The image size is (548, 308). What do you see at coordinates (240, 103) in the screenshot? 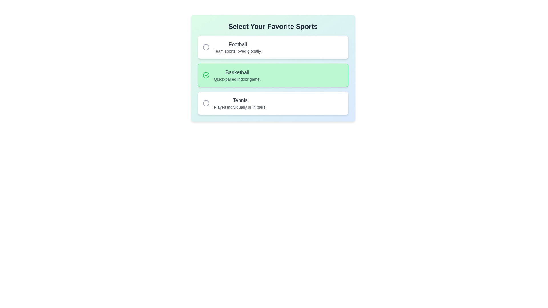
I see `informational static text content about 'Tennis' located within the third selectable card, positioned below the 'Basketball' card` at bounding box center [240, 103].